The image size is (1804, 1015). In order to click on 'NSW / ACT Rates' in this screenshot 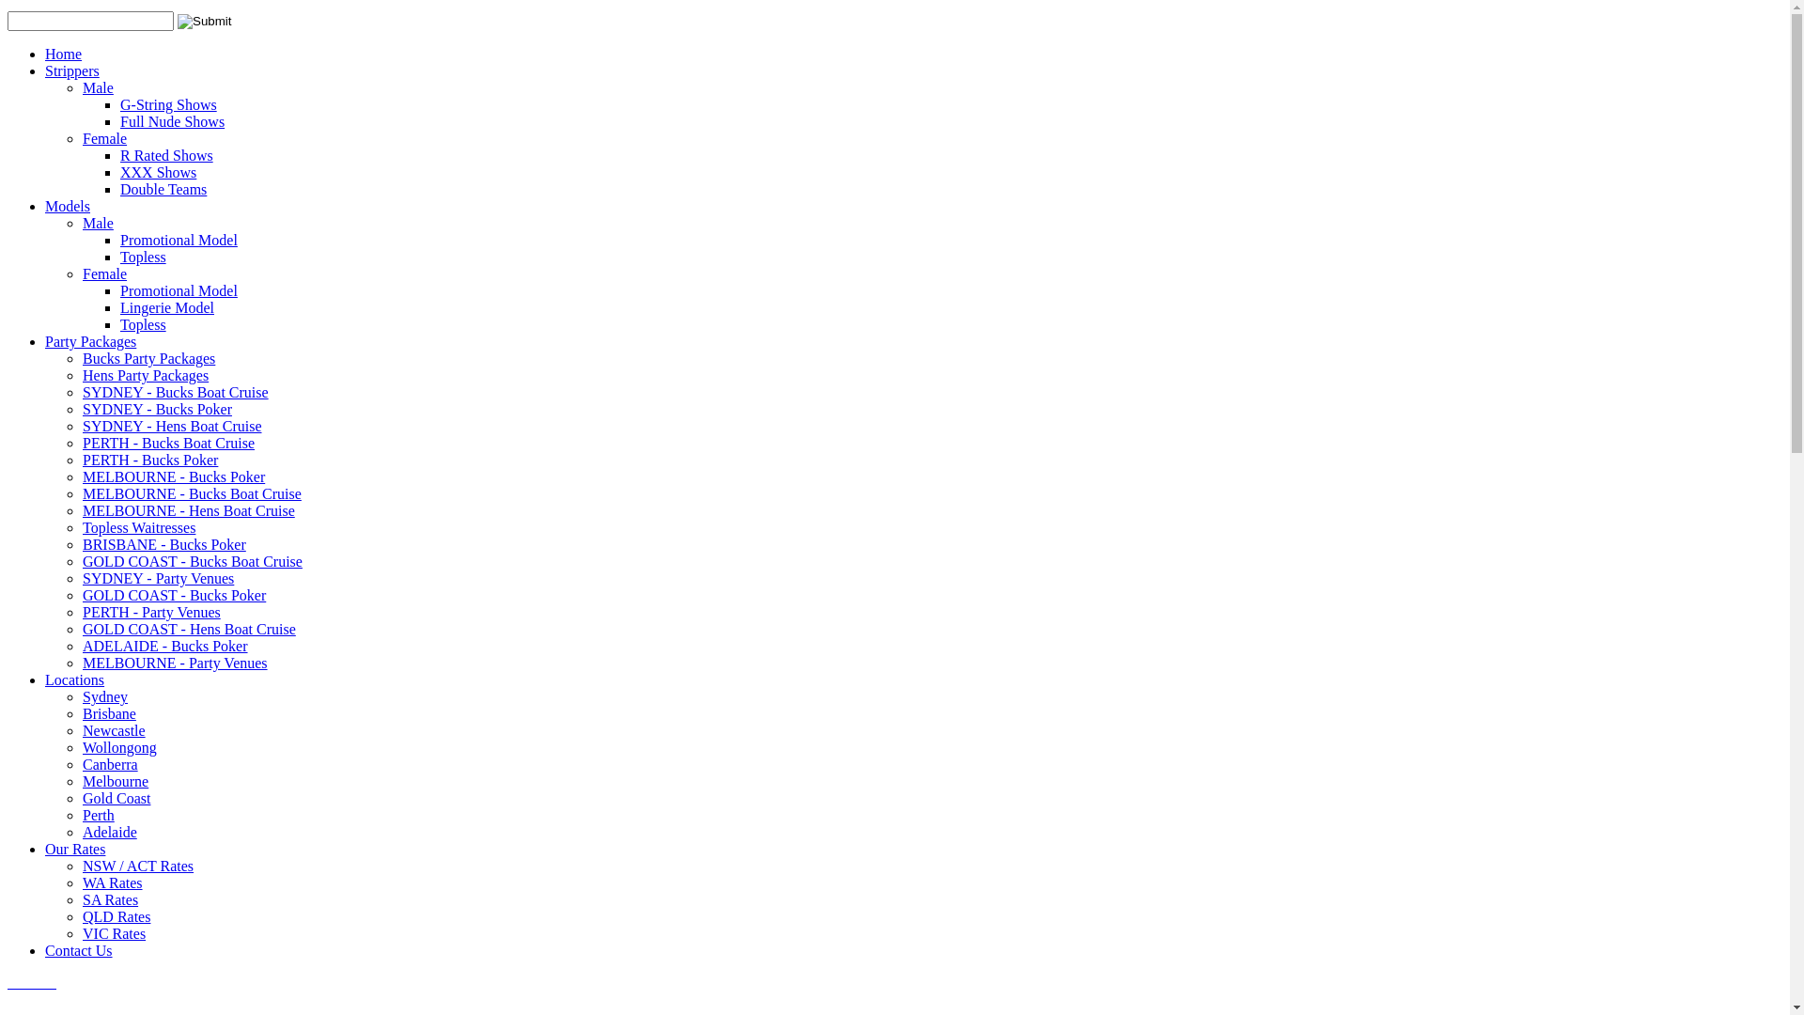, I will do `click(137, 866)`.